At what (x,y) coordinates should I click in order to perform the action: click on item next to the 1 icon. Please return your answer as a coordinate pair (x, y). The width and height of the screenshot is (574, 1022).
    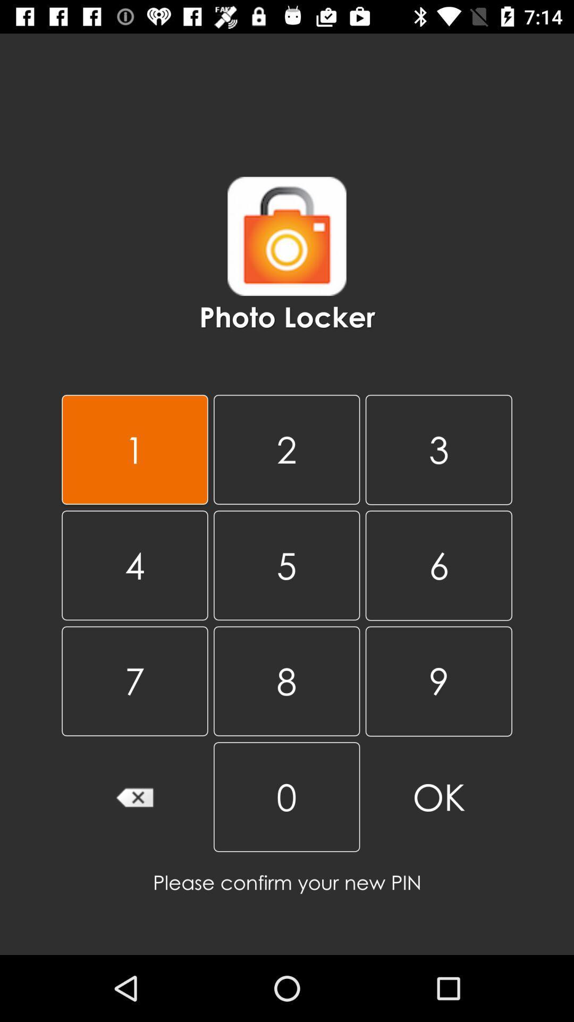
    Looking at the image, I should click on (286, 449).